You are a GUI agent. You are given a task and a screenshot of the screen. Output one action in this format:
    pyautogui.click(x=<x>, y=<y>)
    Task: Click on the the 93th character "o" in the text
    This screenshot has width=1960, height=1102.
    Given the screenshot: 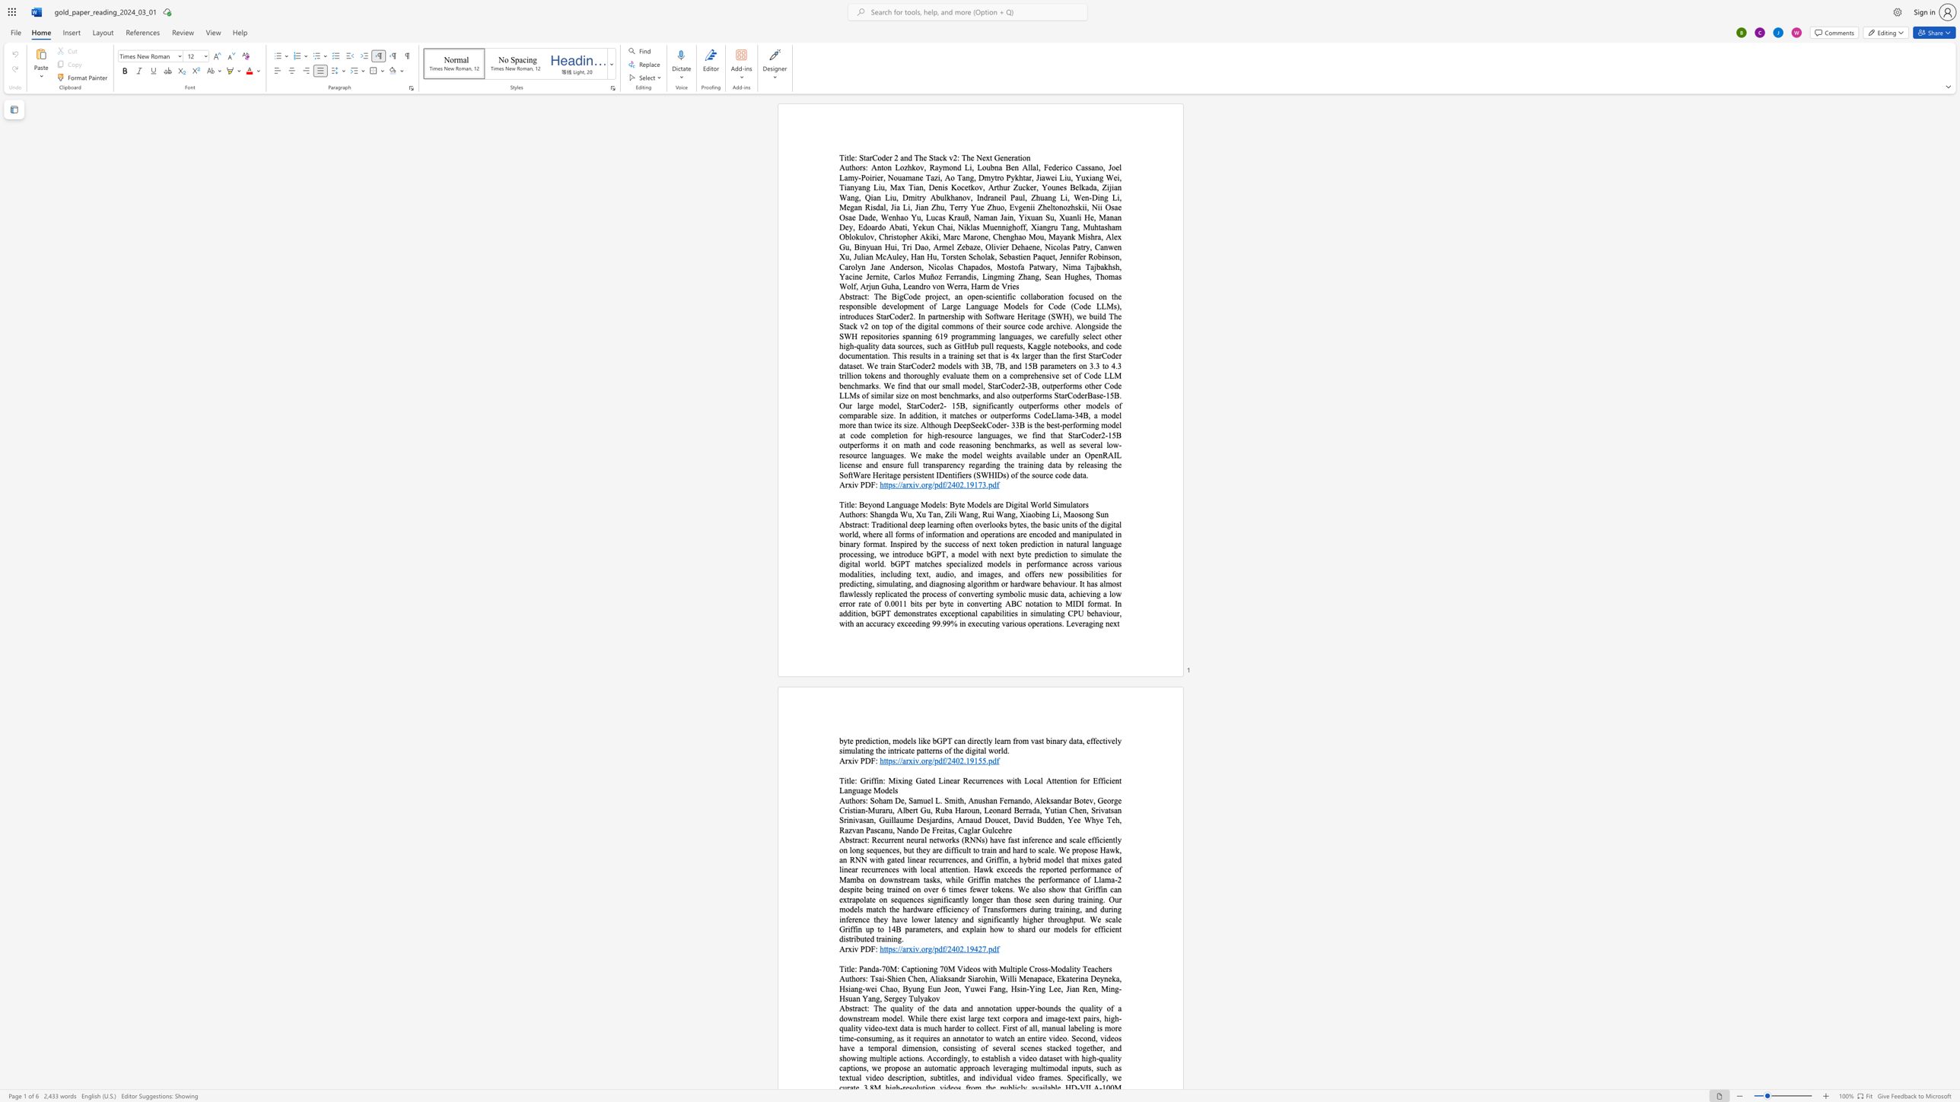 What is the action you would take?
    pyautogui.click(x=892, y=444)
    